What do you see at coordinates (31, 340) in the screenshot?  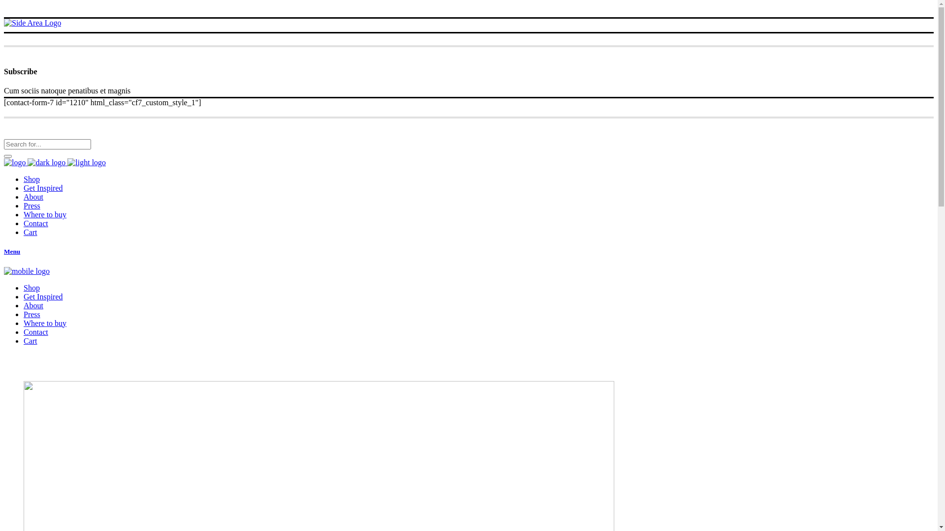 I see `'Cart'` at bounding box center [31, 340].